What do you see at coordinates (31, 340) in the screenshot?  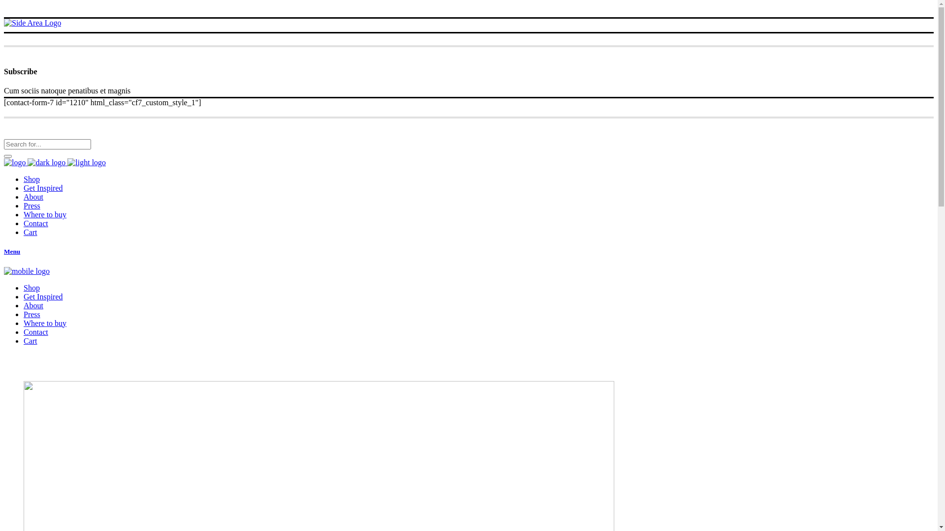 I see `'Cart'` at bounding box center [31, 340].